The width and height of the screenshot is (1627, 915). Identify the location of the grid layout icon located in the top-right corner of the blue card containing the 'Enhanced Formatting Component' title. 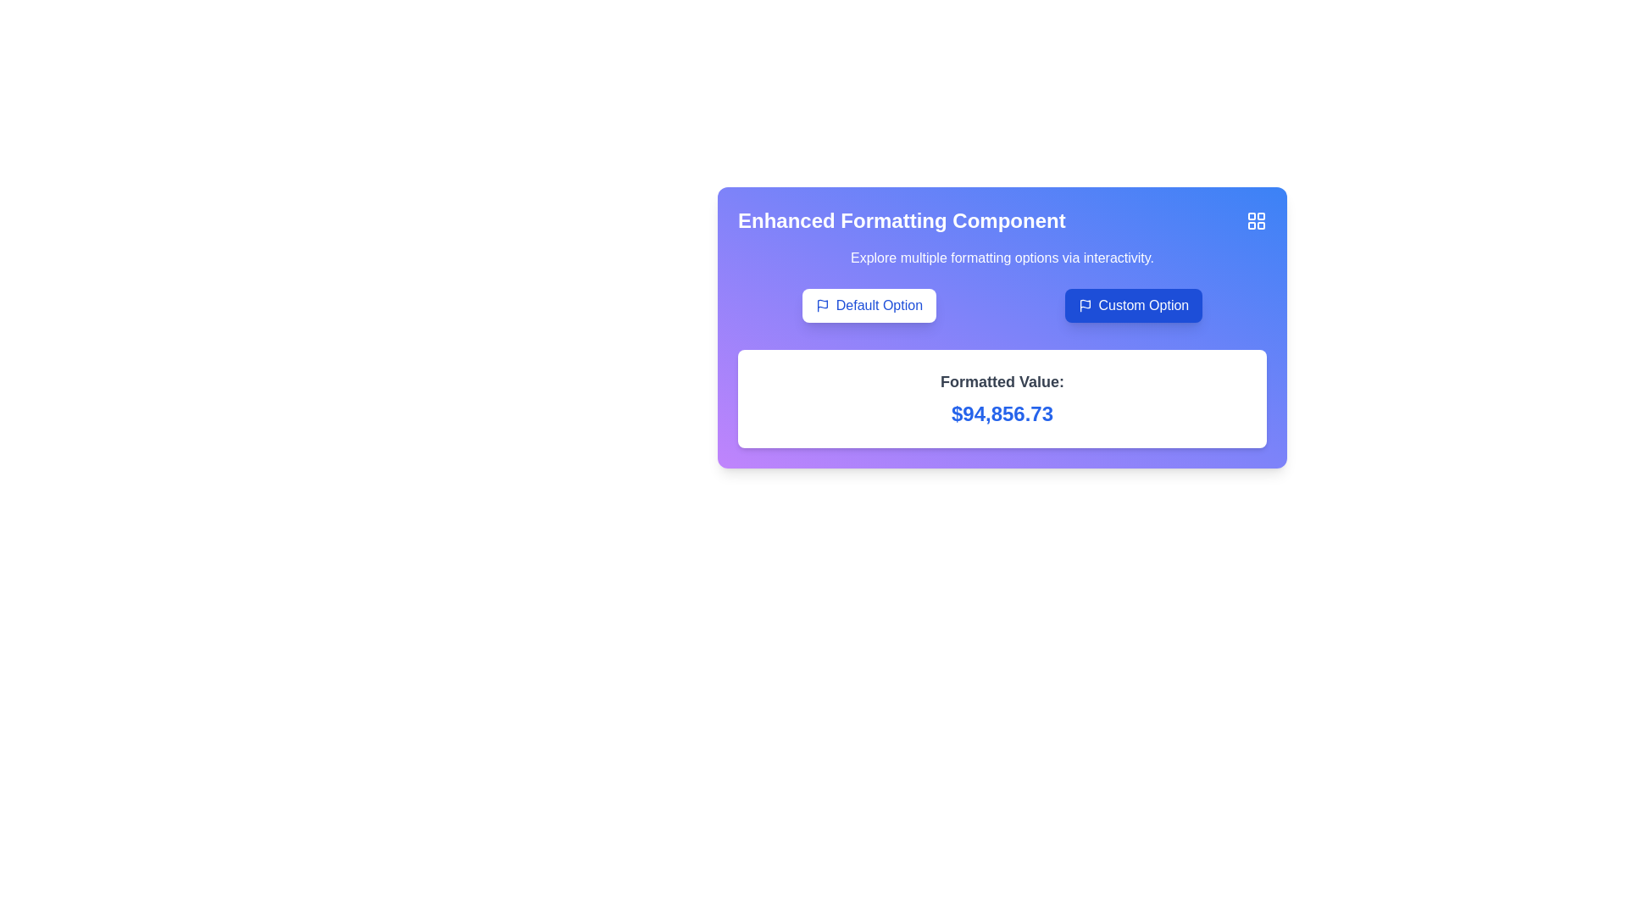
(1257, 220).